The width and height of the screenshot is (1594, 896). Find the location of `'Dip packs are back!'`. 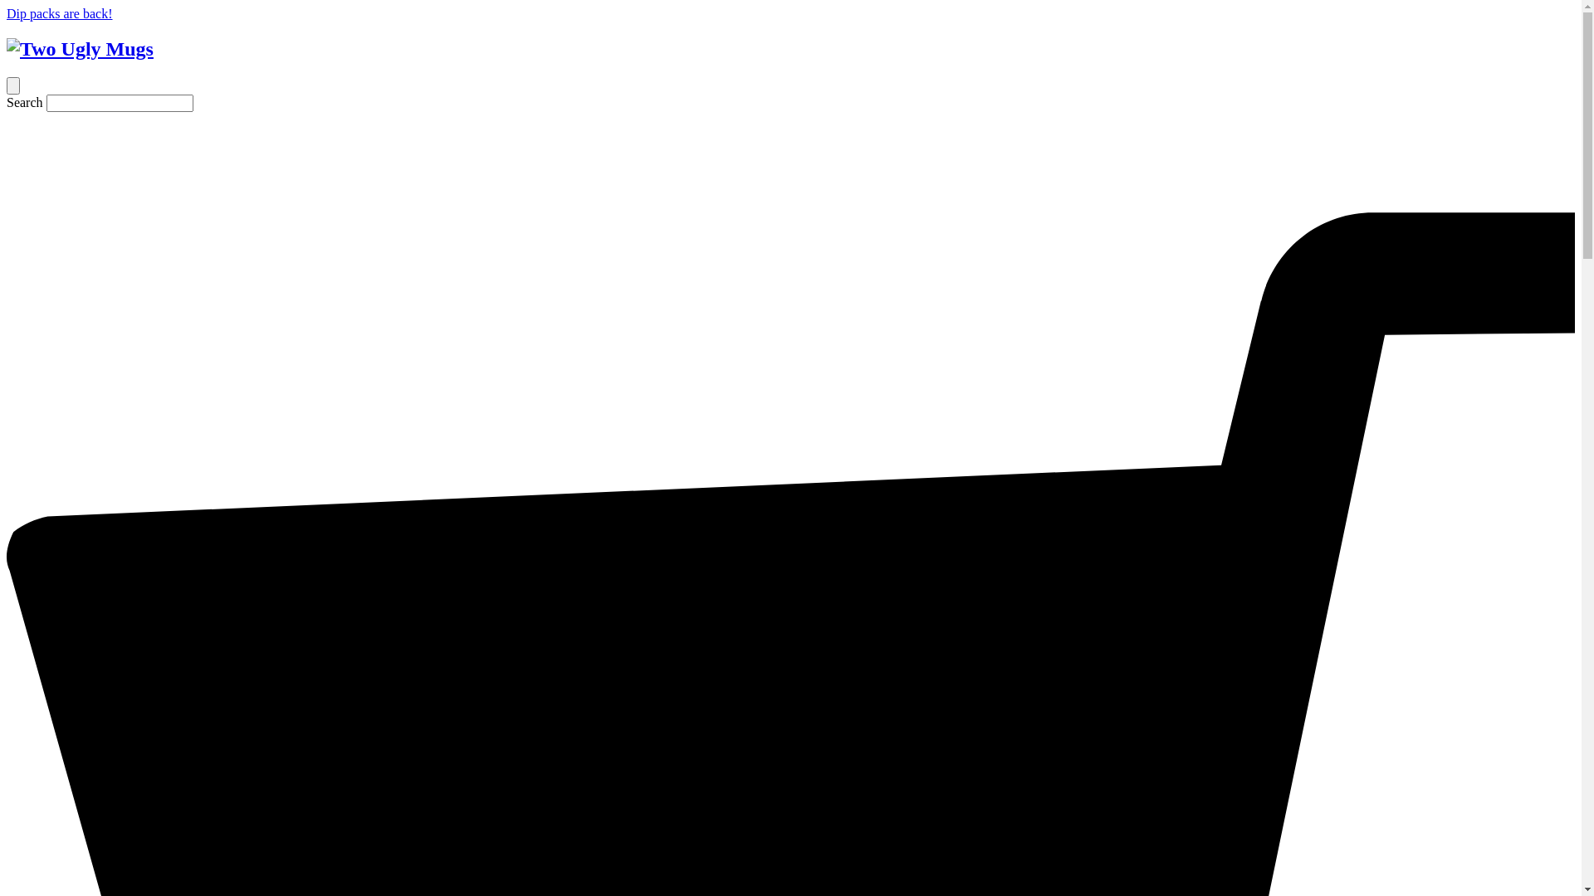

'Dip packs are back!' is located at coordinates (60, 13).